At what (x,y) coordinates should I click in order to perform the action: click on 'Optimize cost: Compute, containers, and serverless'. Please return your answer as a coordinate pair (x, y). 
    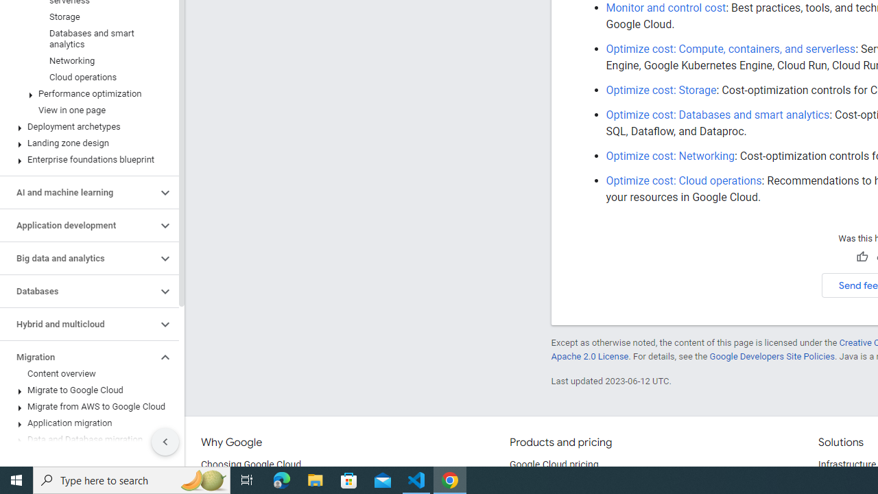
    Looking at the image, I should click on (730, 48).